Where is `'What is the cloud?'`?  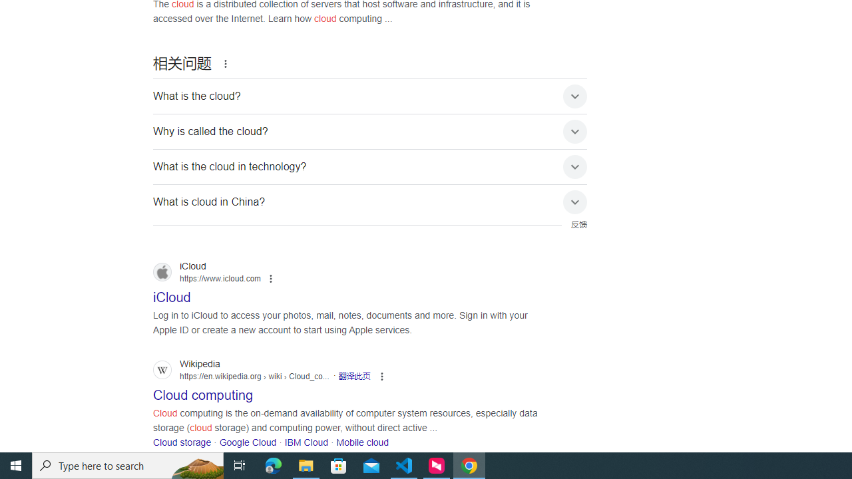
'What is the cloud?' is located at coordinates (370, 96).